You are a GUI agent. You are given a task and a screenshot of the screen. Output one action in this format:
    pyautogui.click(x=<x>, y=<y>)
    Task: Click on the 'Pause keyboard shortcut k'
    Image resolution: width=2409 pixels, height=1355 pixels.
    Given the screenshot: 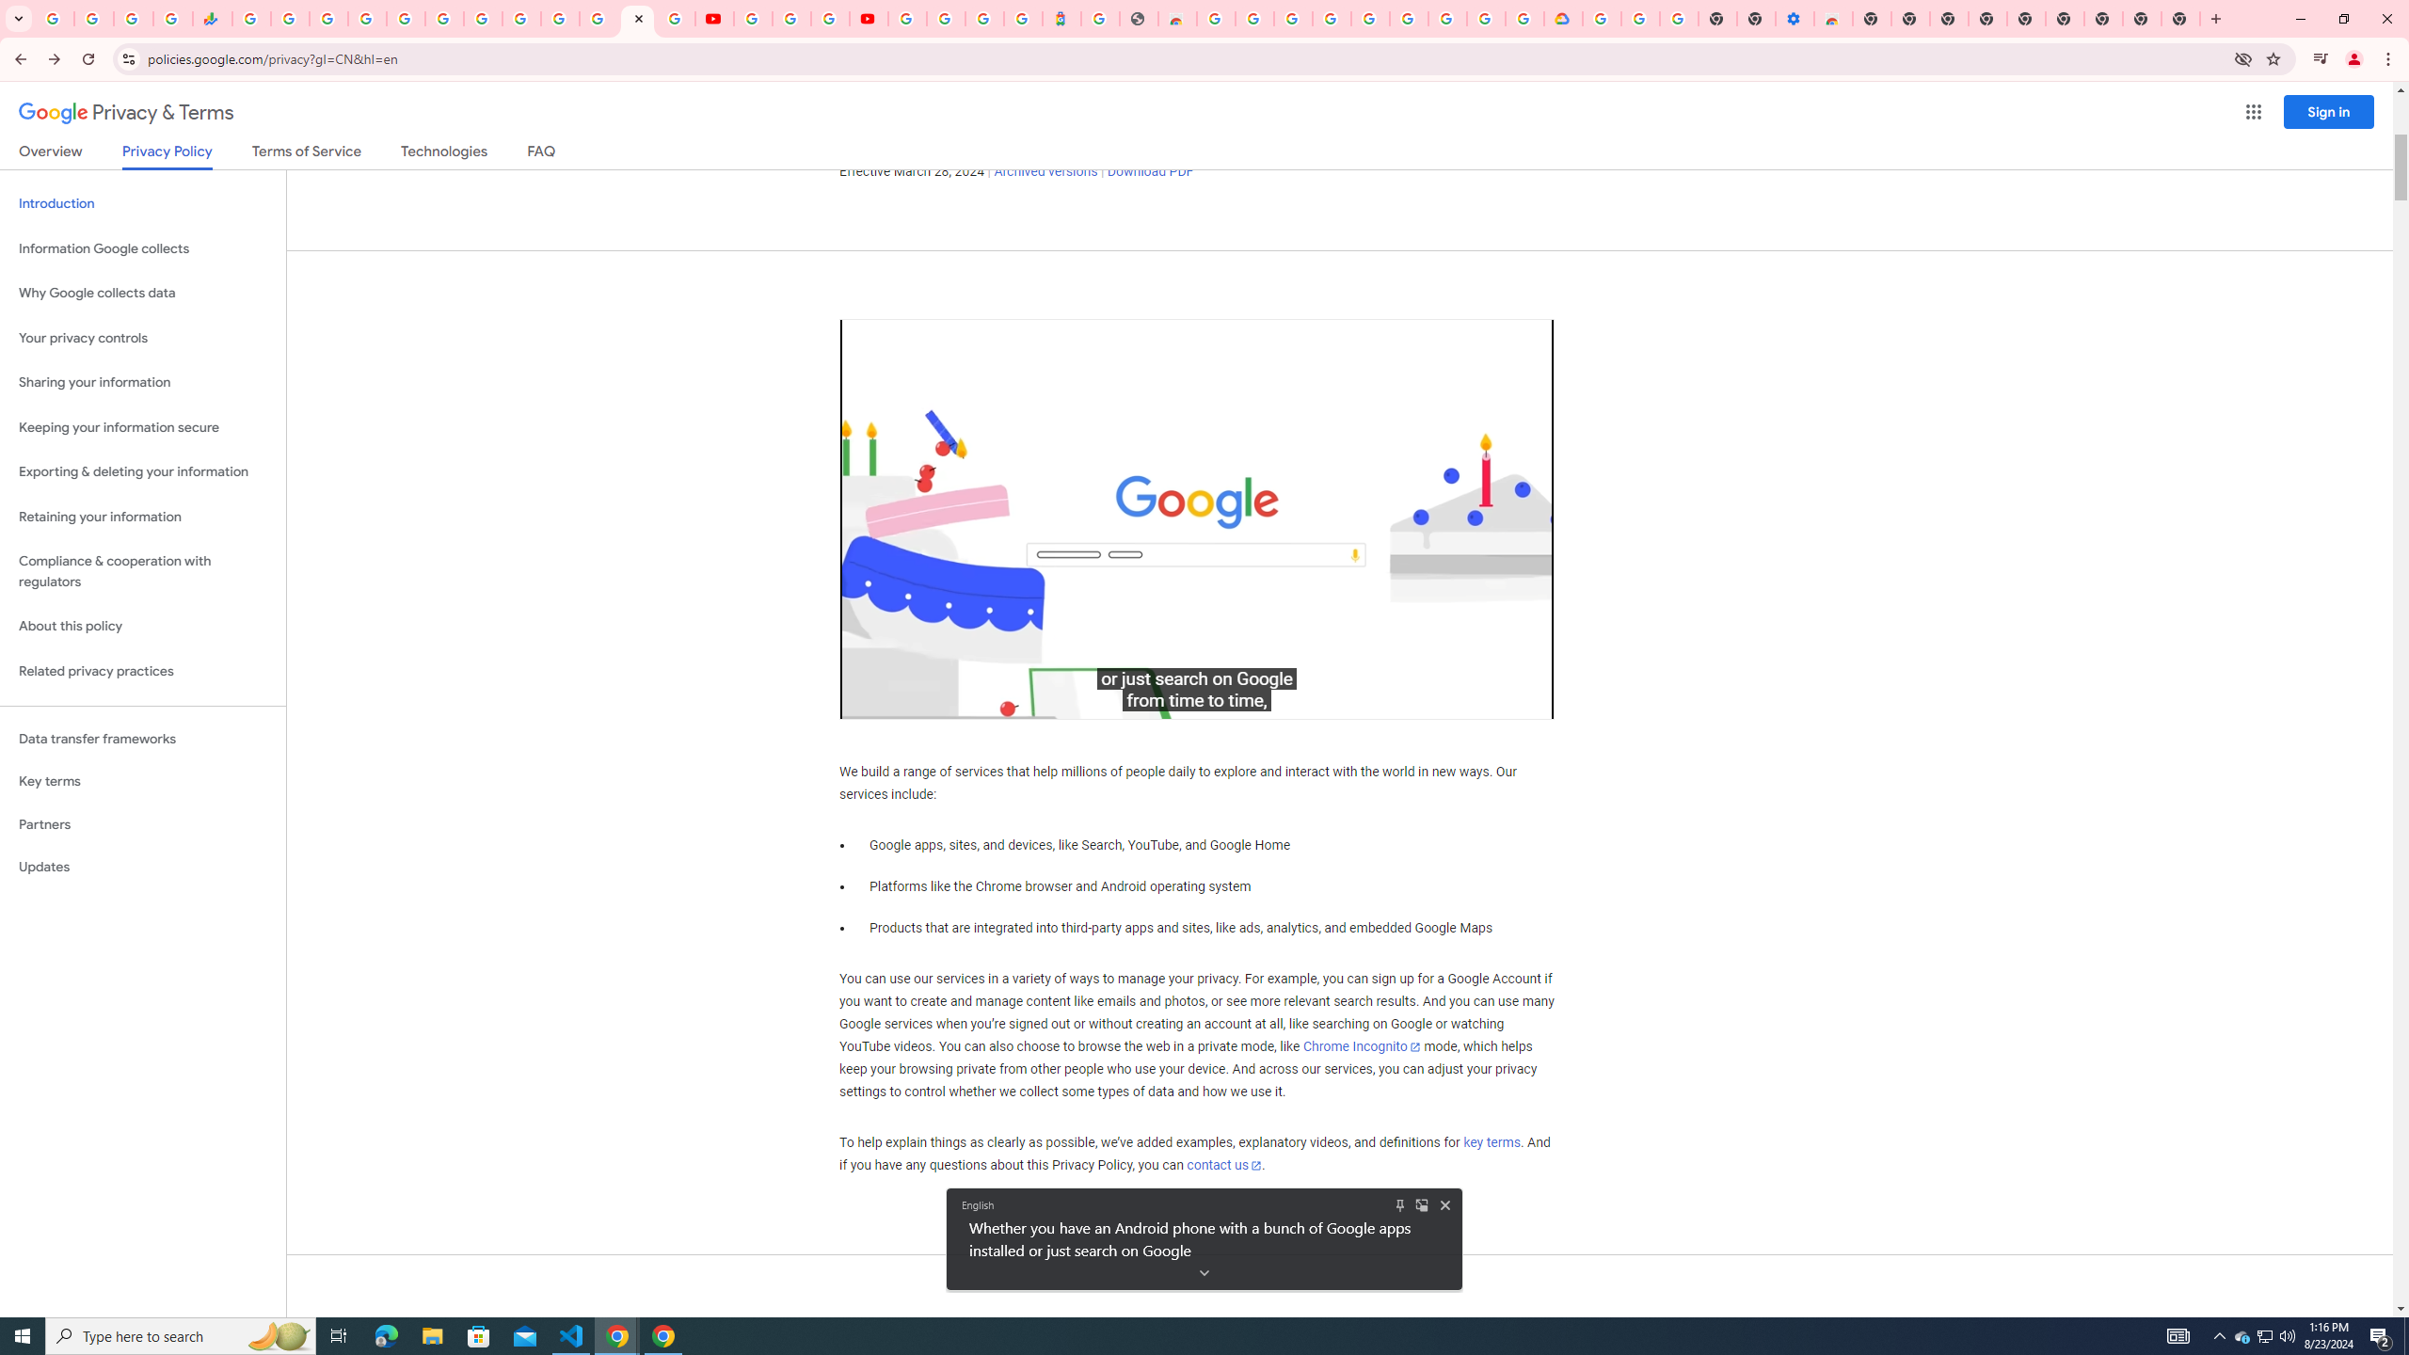 What is the action you would take?
    pyautogui.click(x=873, y=698)
    